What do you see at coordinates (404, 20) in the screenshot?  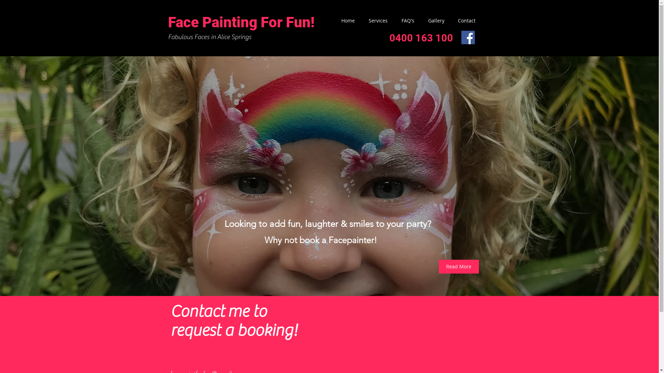 I see `'FAQ's'` at bounding box center [404, 20].